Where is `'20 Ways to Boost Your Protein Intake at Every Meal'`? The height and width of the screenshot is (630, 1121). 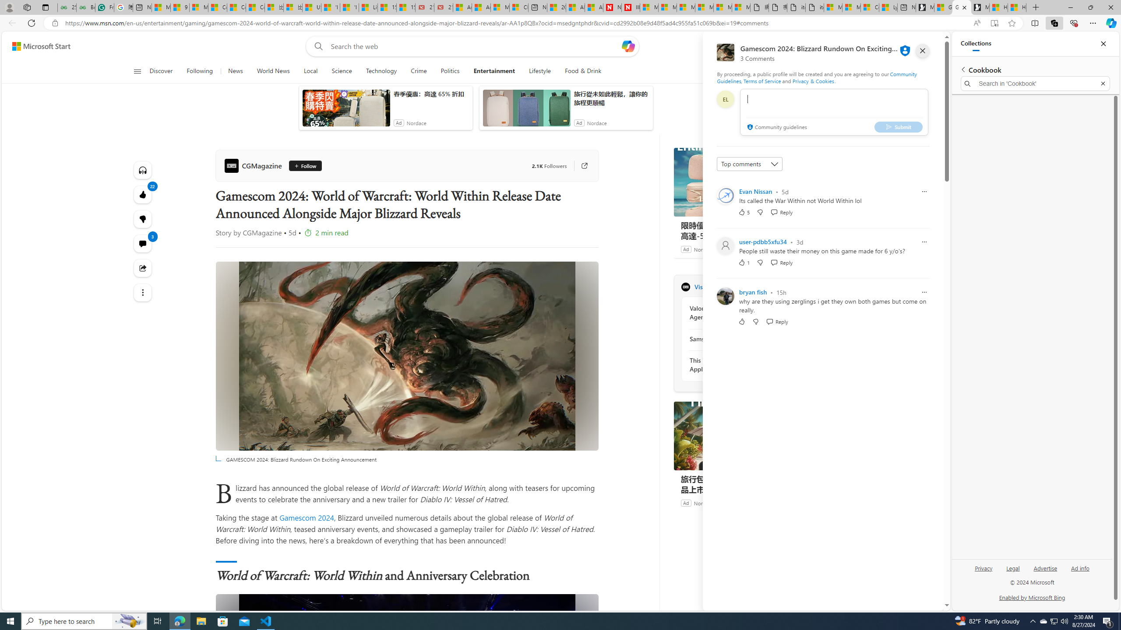 '20 Ways to Boost Your Protein Intake at Every Meal' is located at coordinates (557, 7).